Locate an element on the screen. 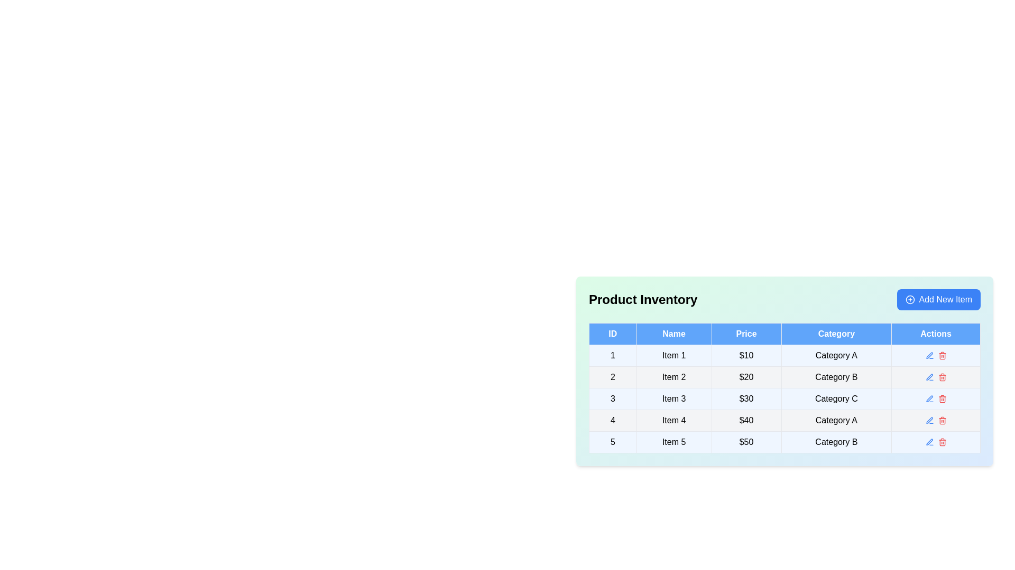 Image resolution: width=1015 pixels, height=570 pixels. the Text label indicating the category type for the fifth item in the table, which is located in the fourth cell of the fifth row under the 'Category' column is located at coordinates (836, 442).